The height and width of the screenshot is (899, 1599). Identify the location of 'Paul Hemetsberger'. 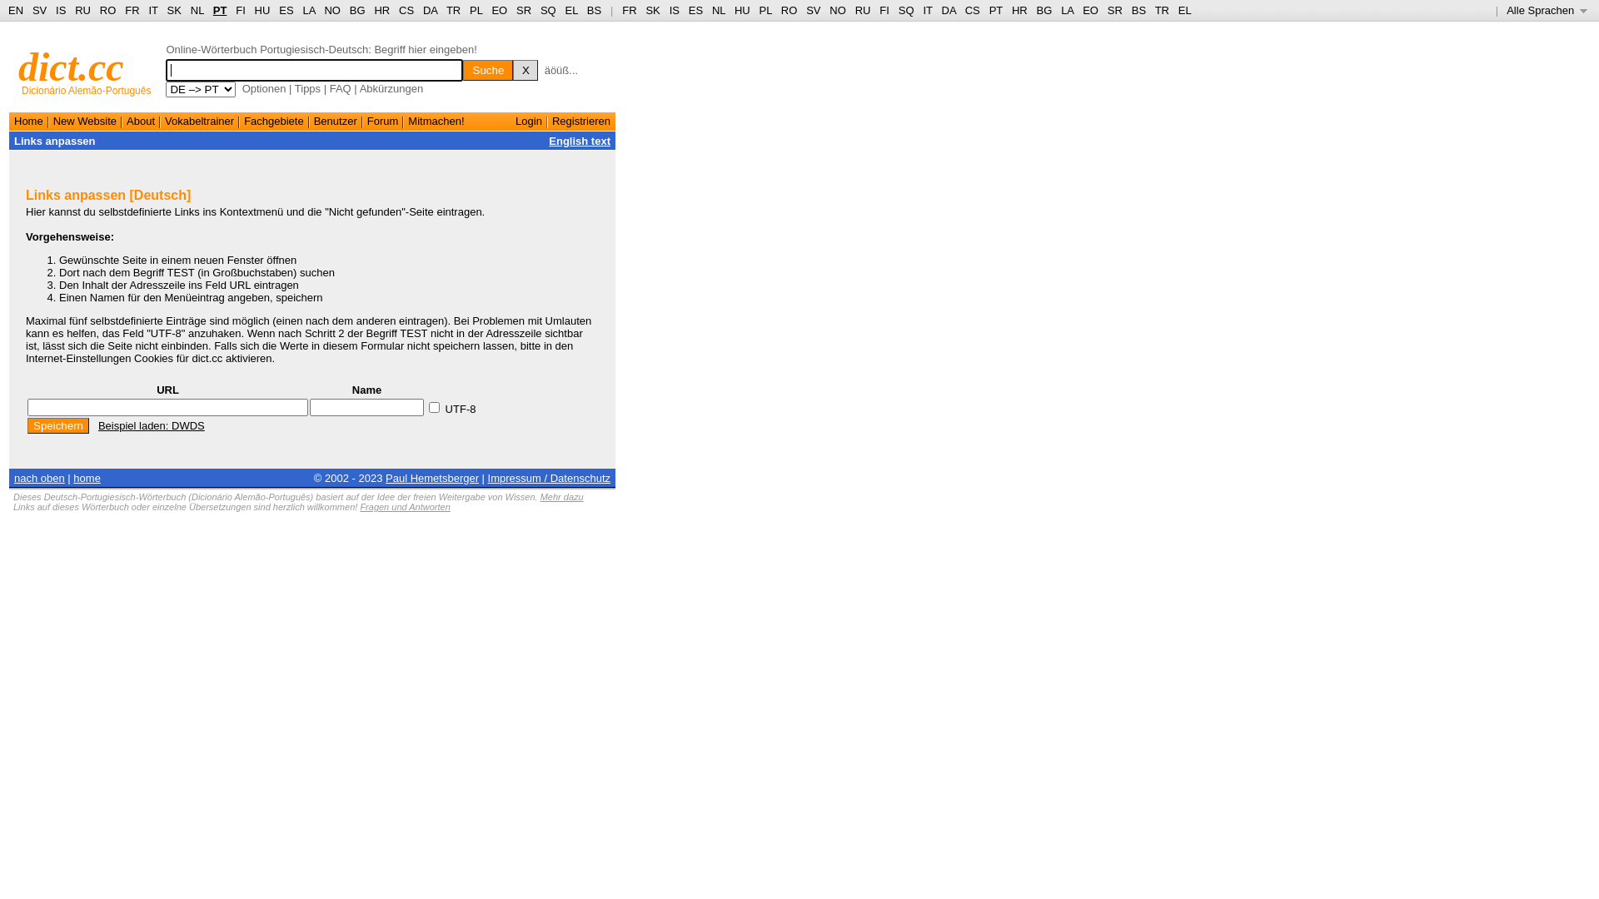
(431, 477).